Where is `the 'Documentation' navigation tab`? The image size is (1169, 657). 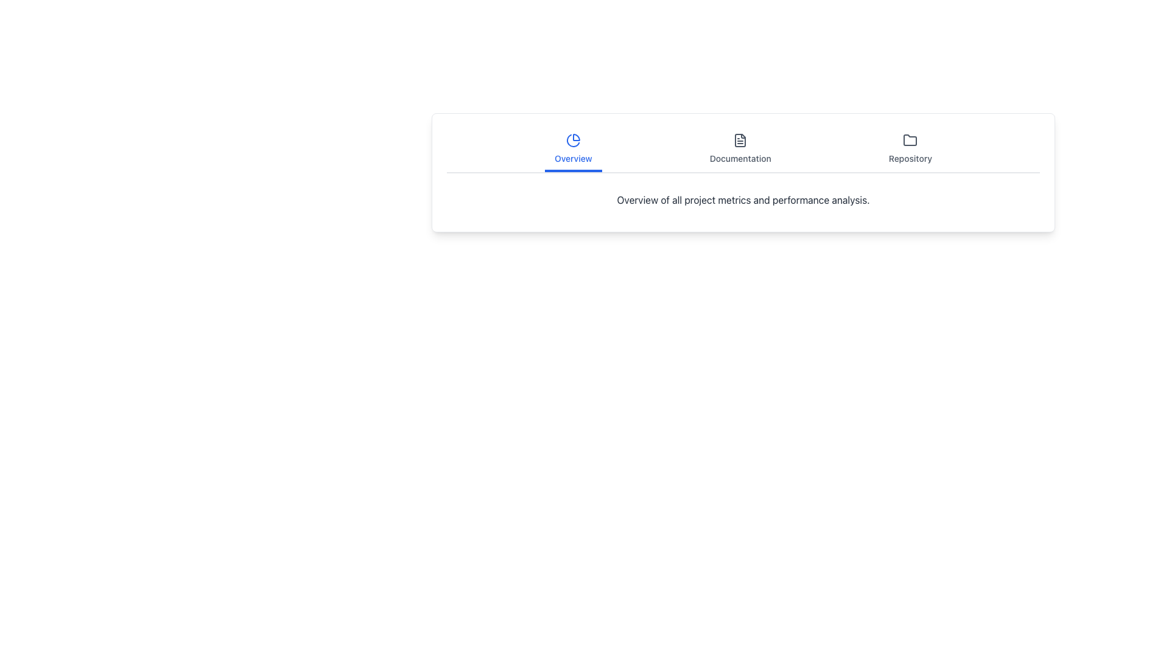
the 'Documentation' navigation tab is located at coordinates (740, 149).